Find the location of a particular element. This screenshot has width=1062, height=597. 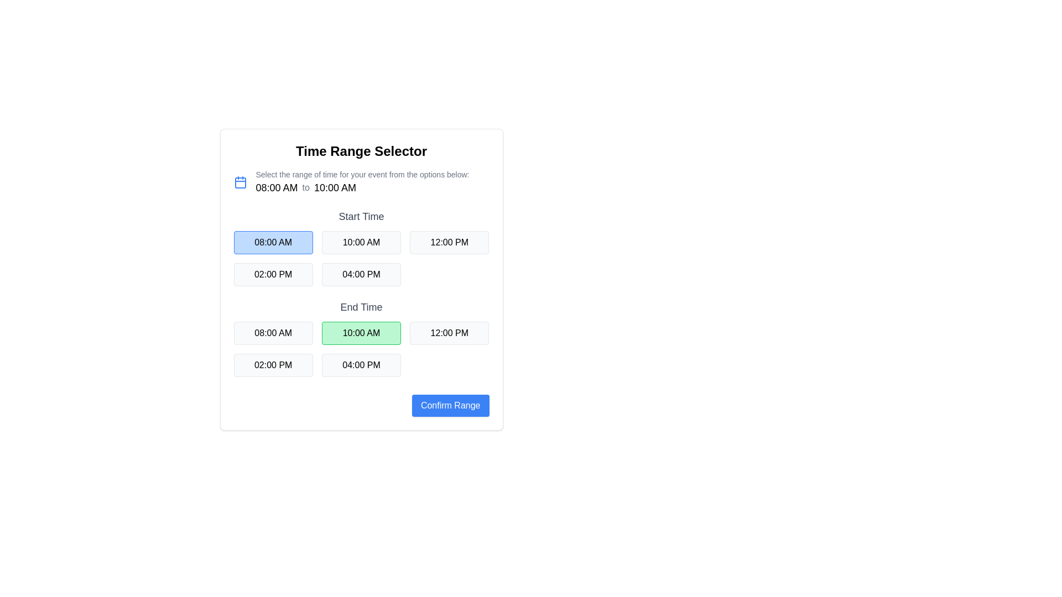

the rectangular button labeled '02:00 PM' with a light gray background is located at coordinates (273, 274).